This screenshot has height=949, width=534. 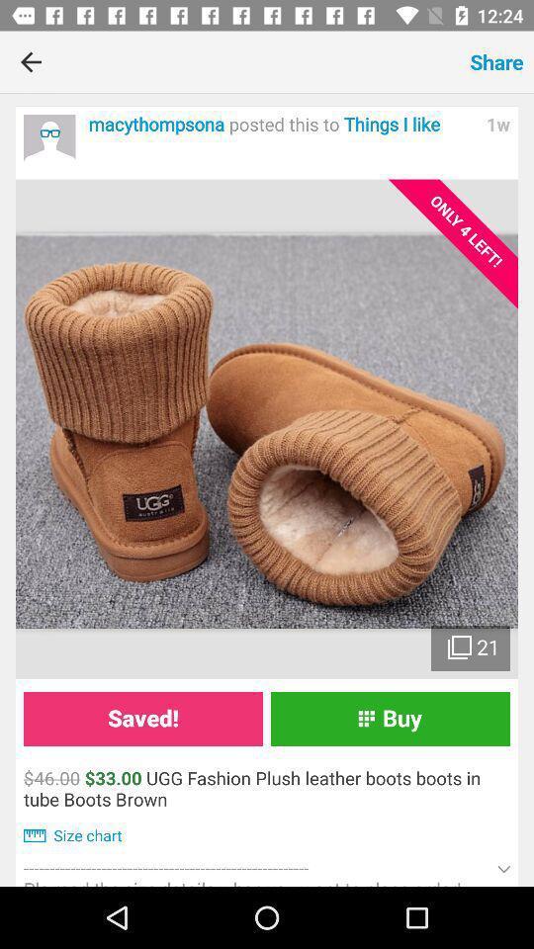 What do you see at coordinates (267, 429) in the screenshot?
I see `item is displayed` at bounding box center [267, 429].